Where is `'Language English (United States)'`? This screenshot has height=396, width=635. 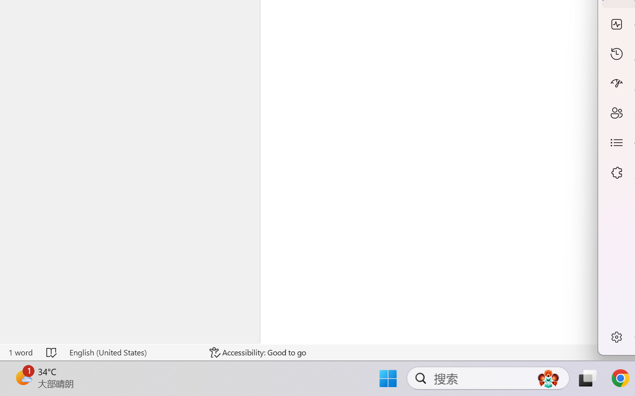 'Language English (United States)' is located at coordinates (132, 352).